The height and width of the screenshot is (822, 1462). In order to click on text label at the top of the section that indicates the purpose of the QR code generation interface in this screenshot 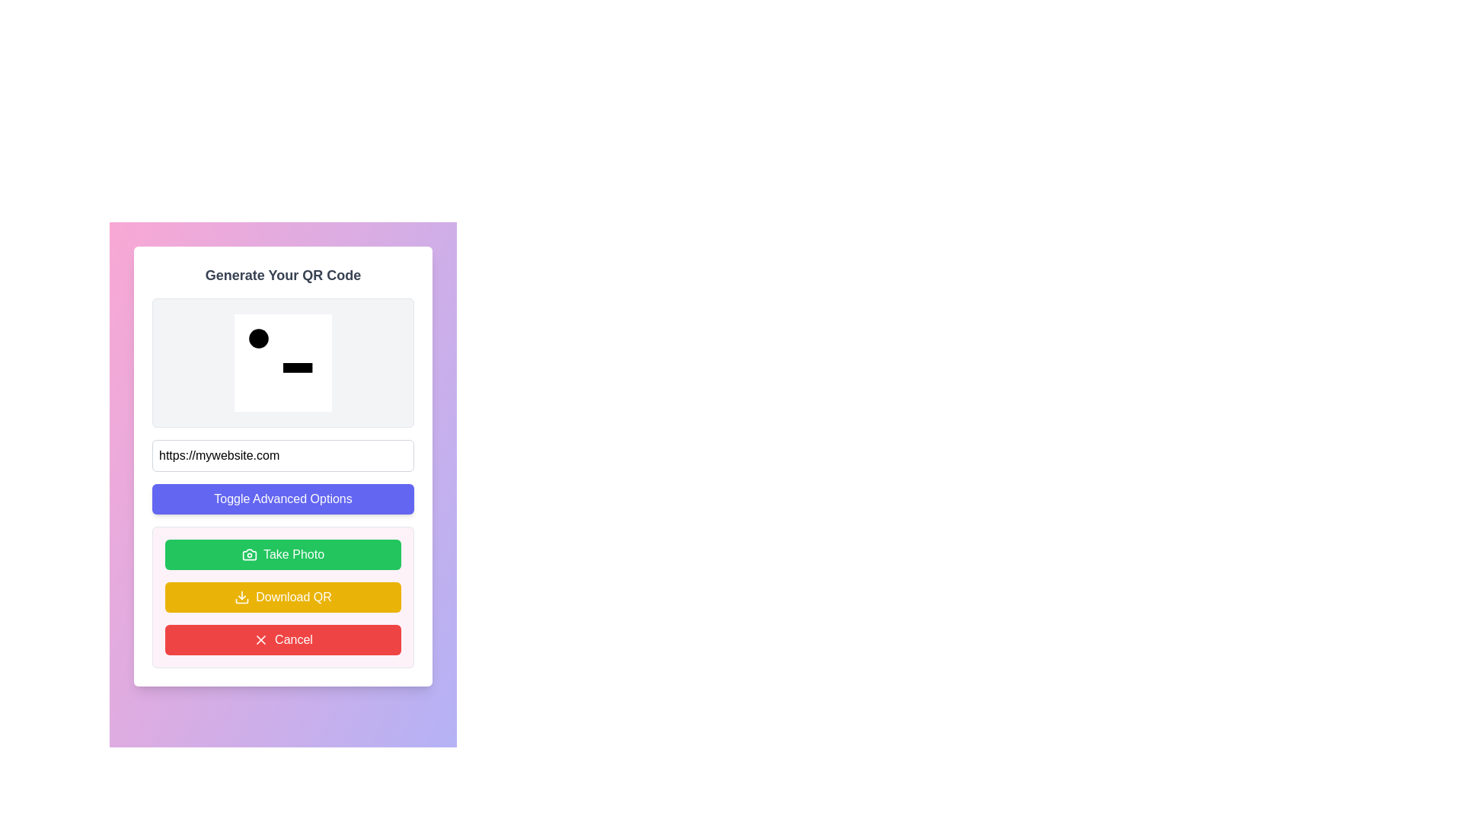, I will do `click(283, 276)`.